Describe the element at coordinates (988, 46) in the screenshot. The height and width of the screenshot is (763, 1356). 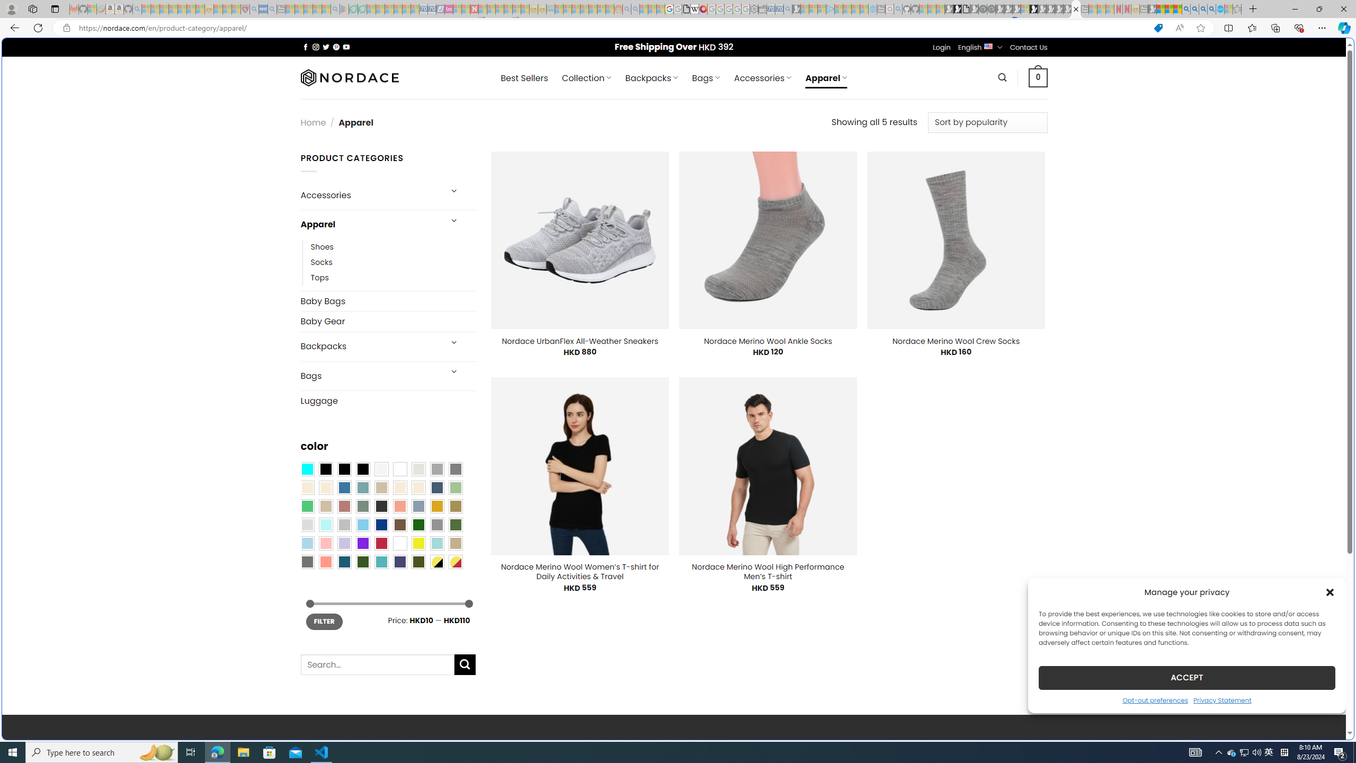
I see `'English'` at that location.